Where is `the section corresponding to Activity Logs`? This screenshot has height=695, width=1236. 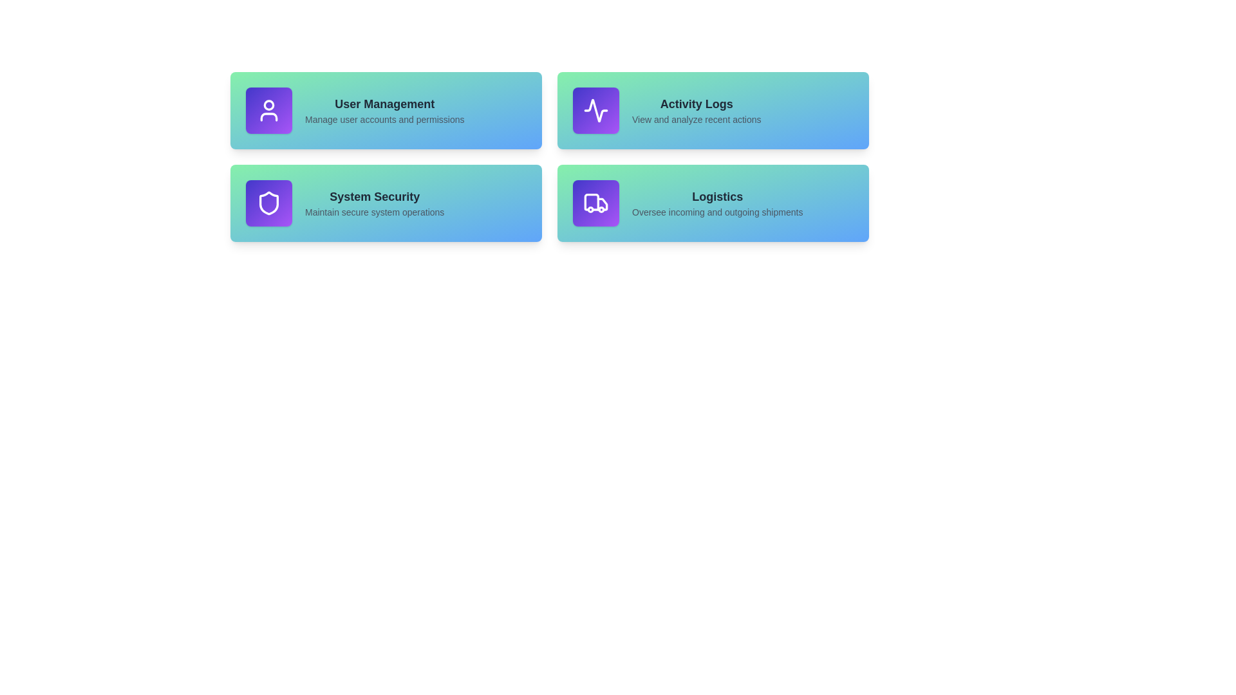 the section corresponding to Activity Logs is located at coordinates (713, 110).